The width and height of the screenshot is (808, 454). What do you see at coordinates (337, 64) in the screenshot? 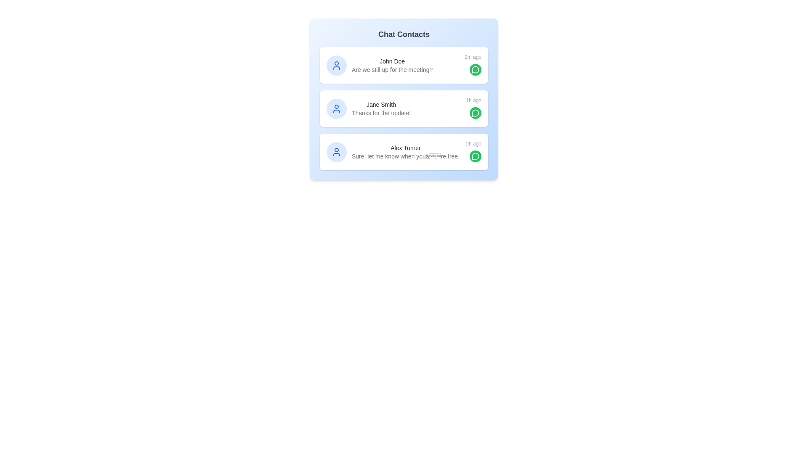
I see `the name or avatar of John Doe to view their details` at bounding box center [337, 64].